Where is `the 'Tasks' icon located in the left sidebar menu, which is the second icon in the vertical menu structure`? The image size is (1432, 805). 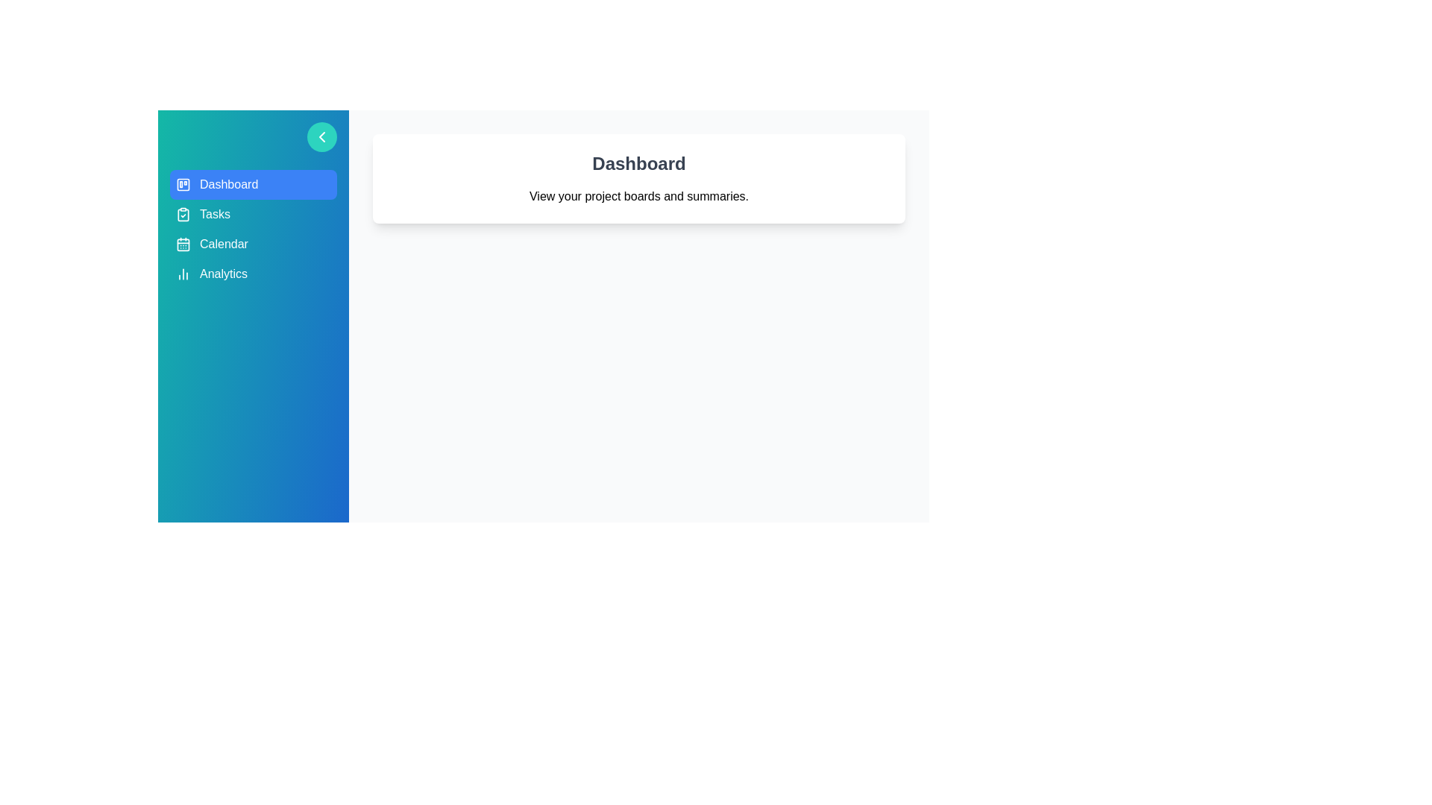
the 'Tasks' icon located in the left sidebar menu, which is the second icon in the vertical menu structure is located at coordinates (182, 215).